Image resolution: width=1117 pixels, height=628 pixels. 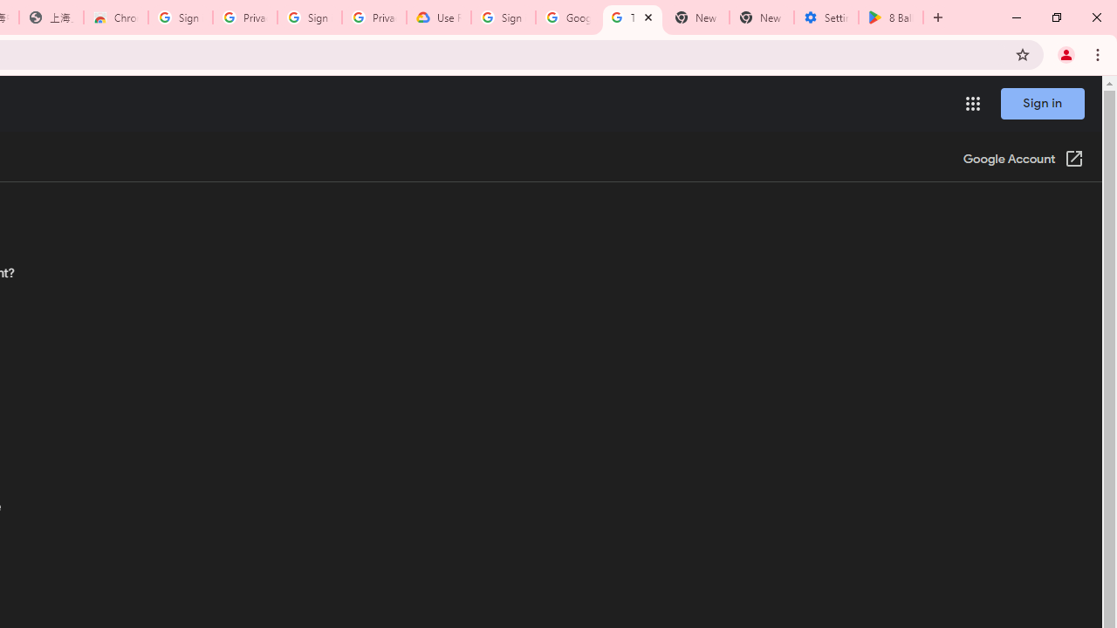 What do you see at coordinates (503, 17) in the screenshot?
I see `'Sign in - Google Accounts'` at bounding box center [503, 17].